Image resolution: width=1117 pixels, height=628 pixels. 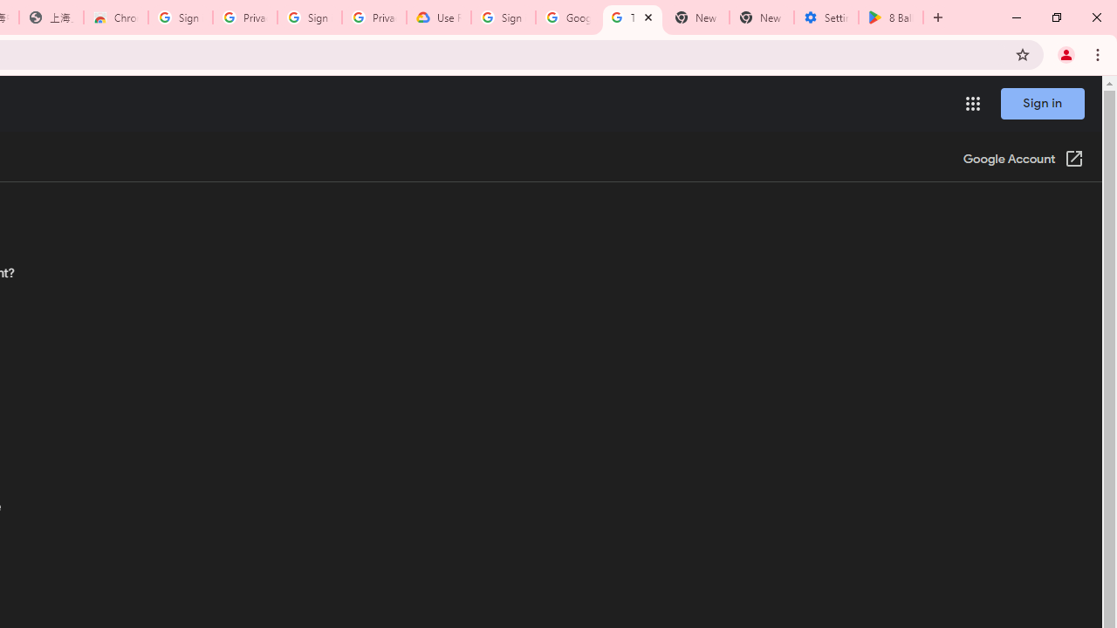 What do you see at coordinates (503, 17) in the screenshot?
I see `'Sign in - Google Accounts'` at bounding box center [503, 17].